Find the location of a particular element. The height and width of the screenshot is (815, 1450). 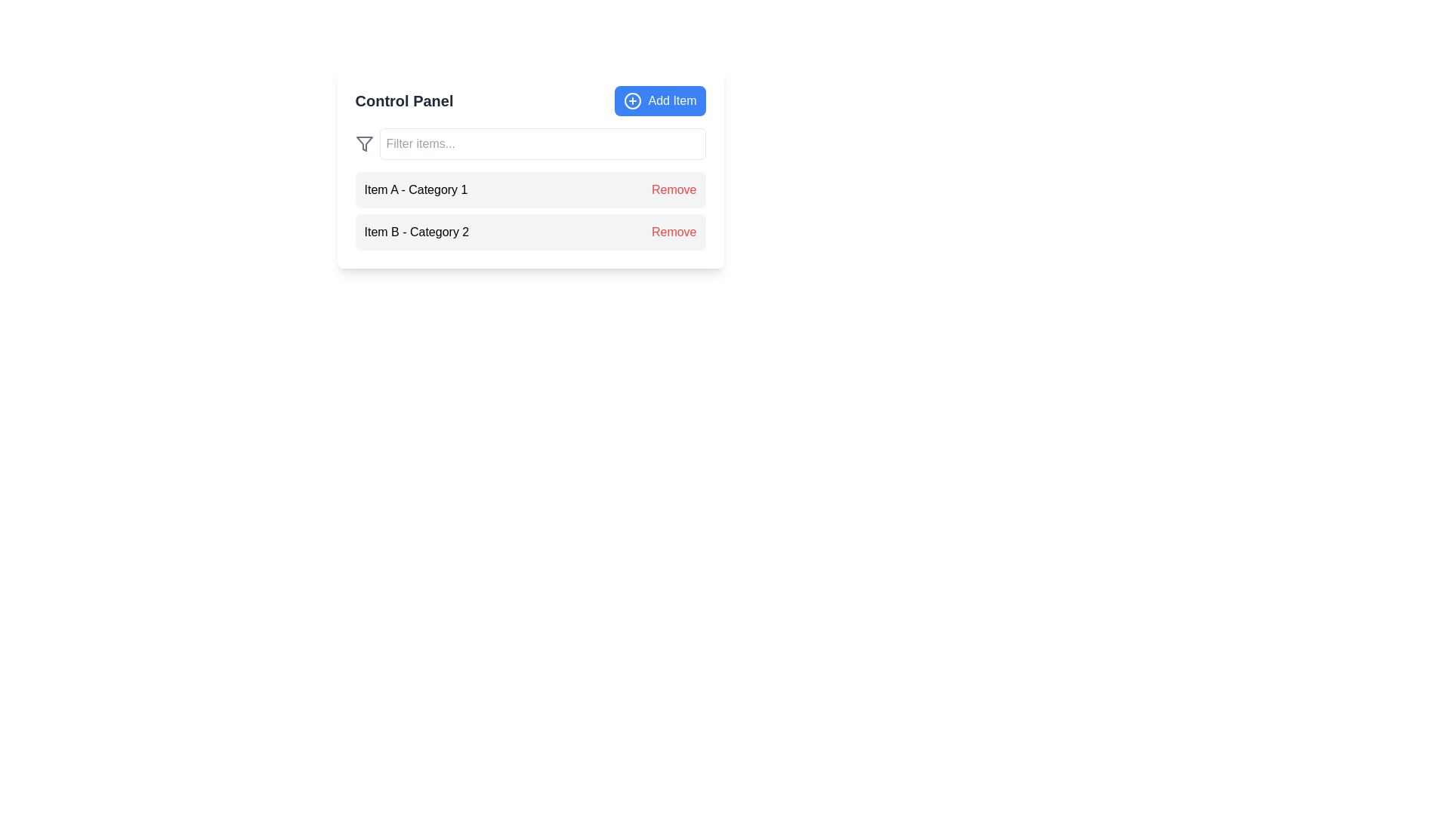

the button located in the upper-right corner of the 'Control Panel' section is located at coordinates (659, 101).